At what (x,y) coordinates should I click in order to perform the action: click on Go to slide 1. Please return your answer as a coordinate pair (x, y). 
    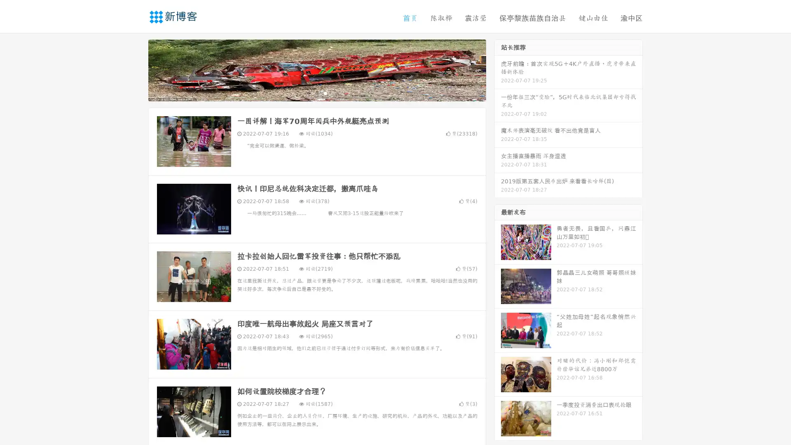
    Looking at the image, I should click on (308, 93).